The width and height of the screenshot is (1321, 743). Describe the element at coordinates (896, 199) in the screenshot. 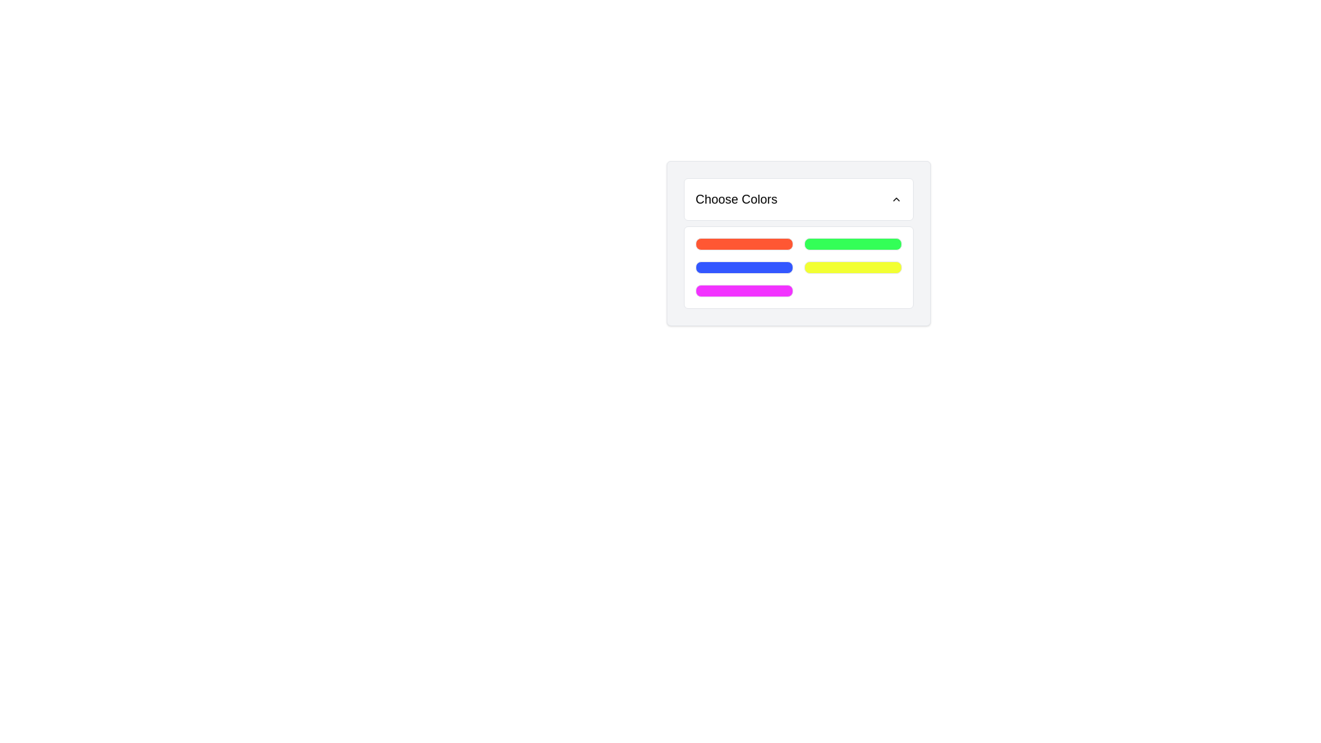

I see `the upward-pointing chevron icon located to the right of the 'Choose Colors' text` at that location.